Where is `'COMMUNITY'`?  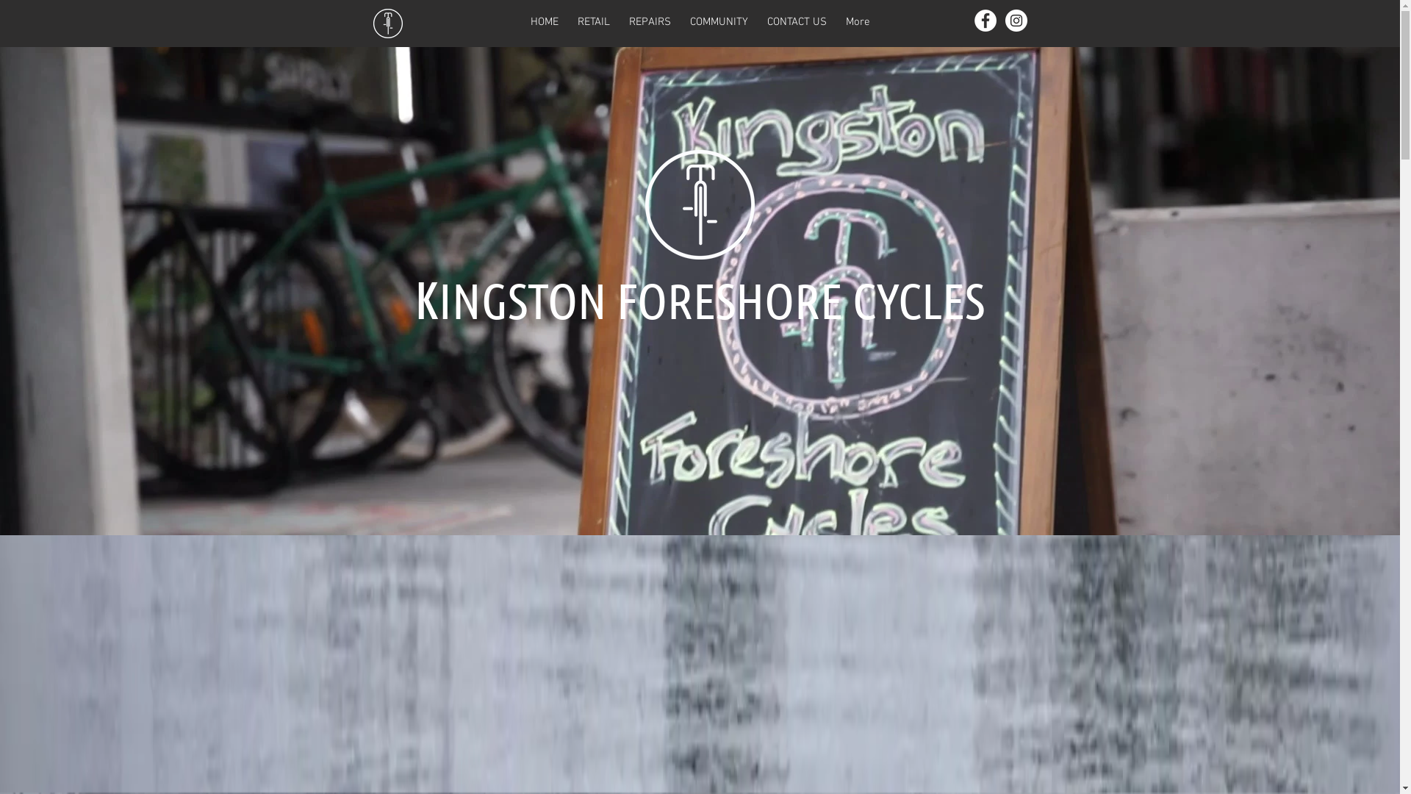 'COMMUNITY' is located at coordinates (719, 23).